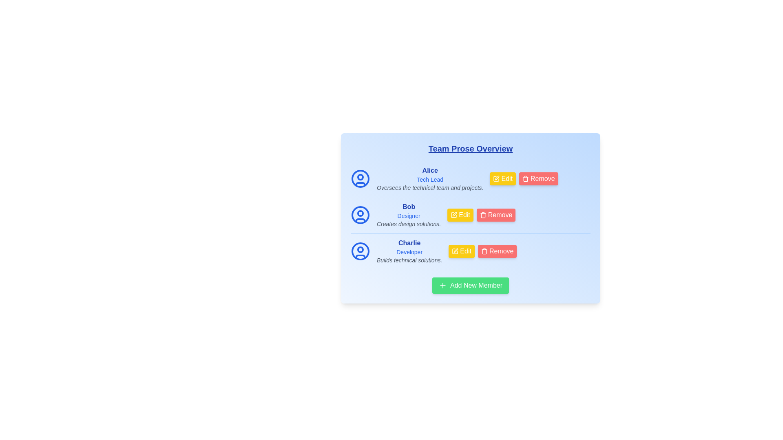  Describe the element at coordinates (429, 188) in the screenshot. I see `the text description element detailing Alice's role and responsibilities, which is positioned below the 'Tech Lead' subtitle` at that location.